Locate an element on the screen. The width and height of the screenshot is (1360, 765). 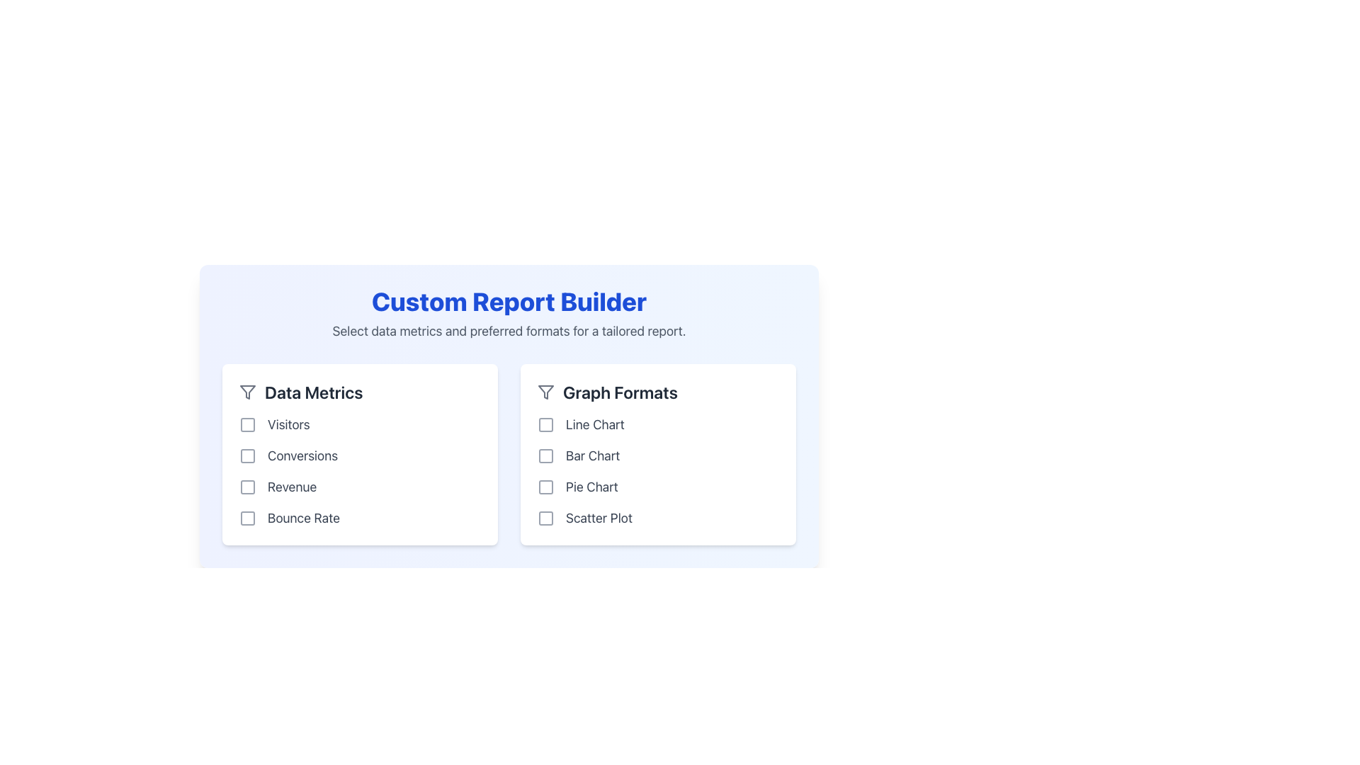
the Text label for the checkbox option in the 'Data Metrics' section of the 'Custom Report Builder' page is located at coordinates (288, 424).